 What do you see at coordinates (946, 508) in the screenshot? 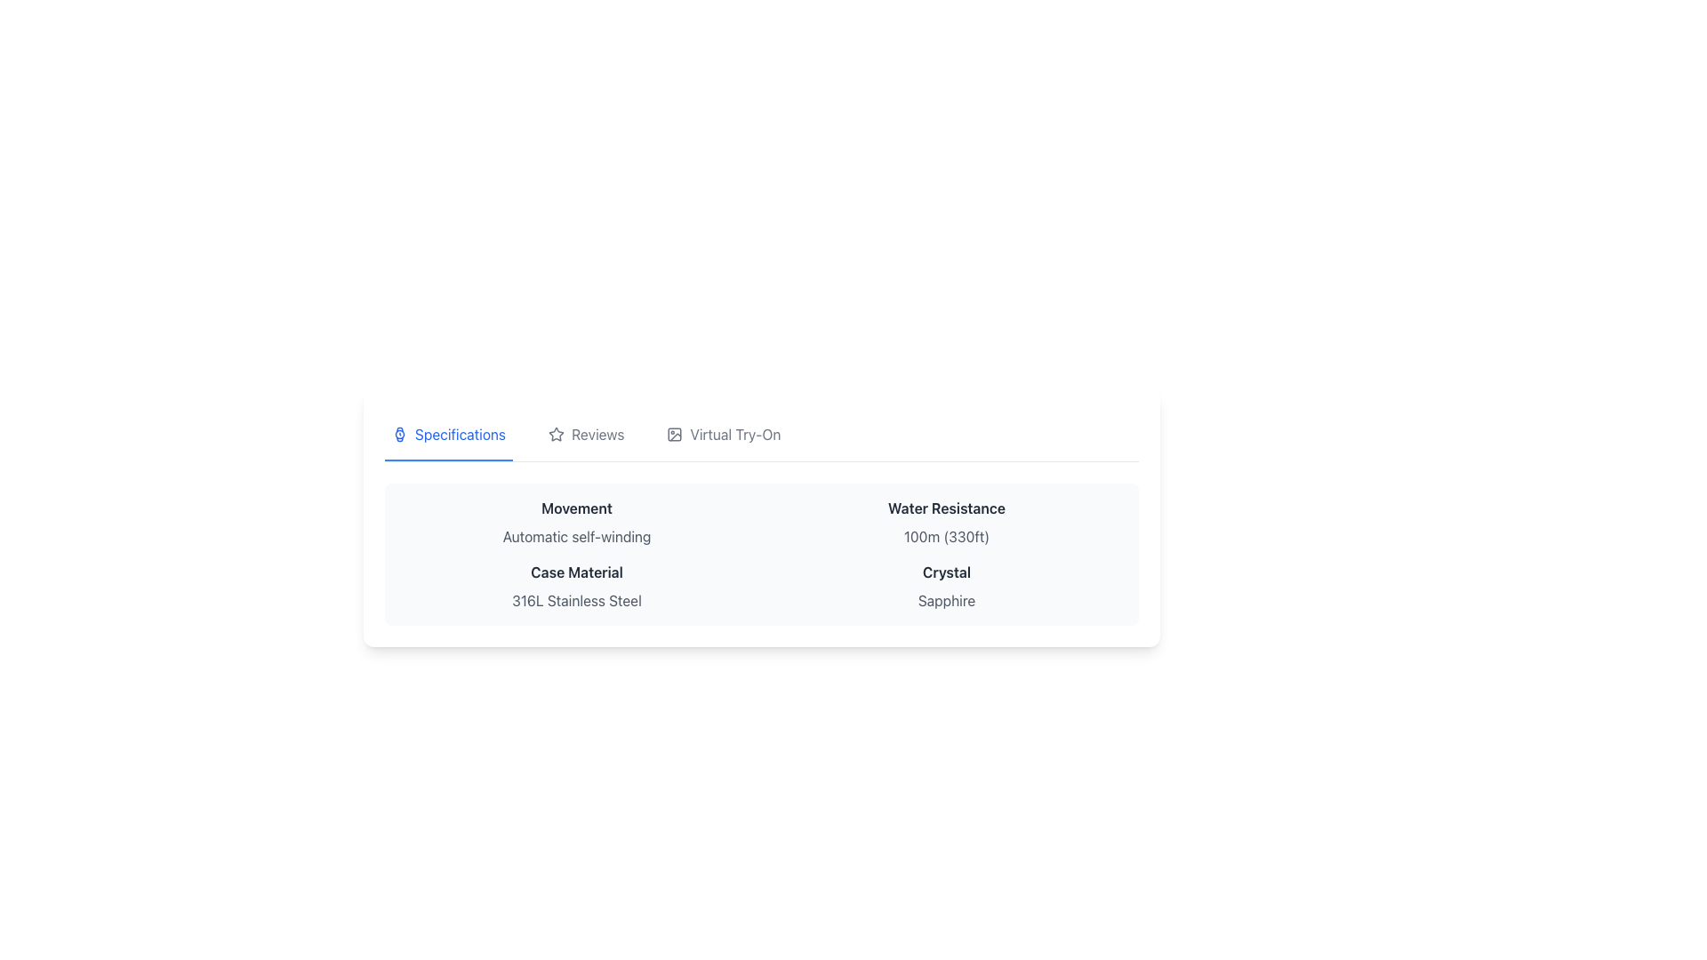
I see `the text label indicating the category or name of the specification related to water resistance, located in the specifications table on the right side of the middle section` at bounding box center [946, 508].